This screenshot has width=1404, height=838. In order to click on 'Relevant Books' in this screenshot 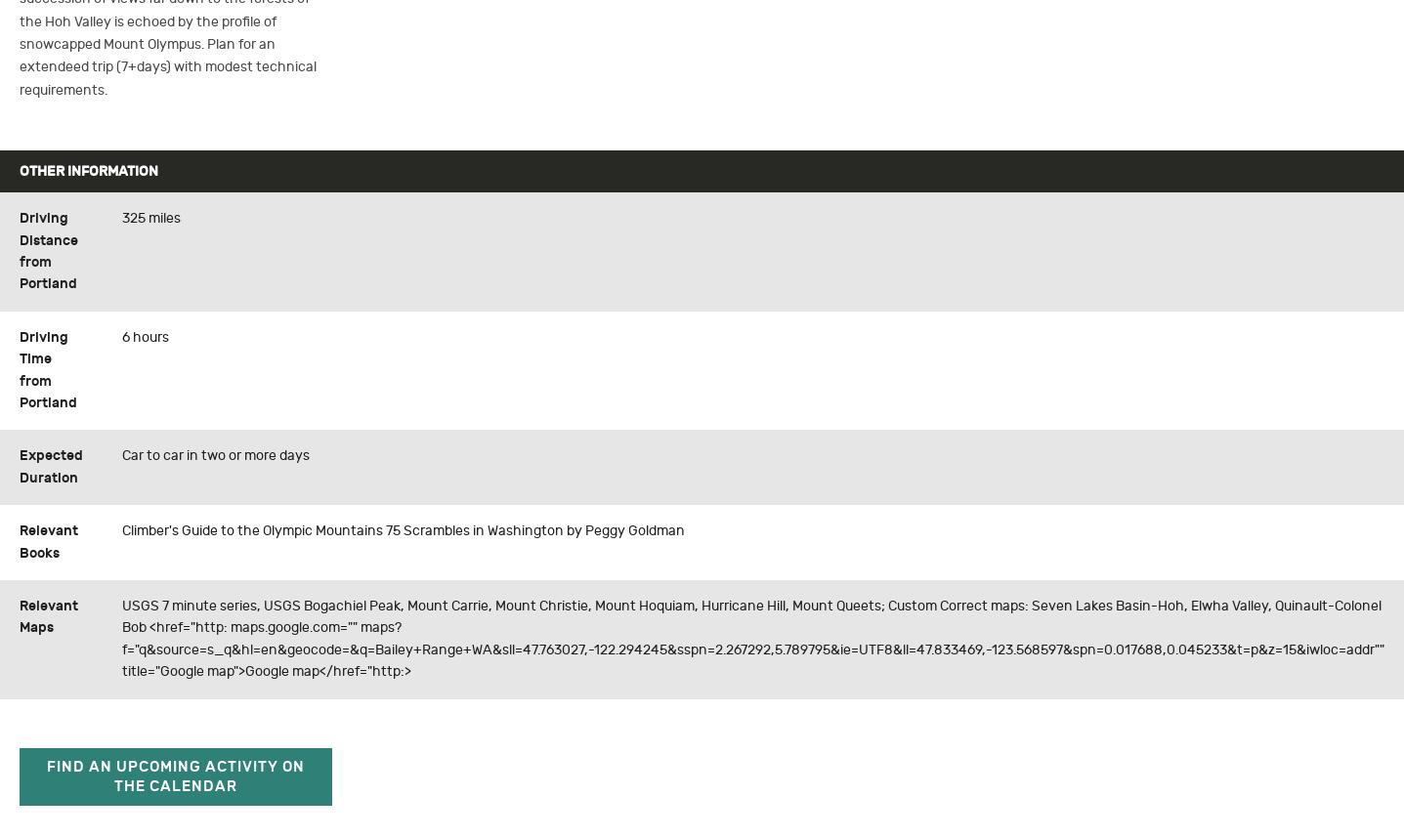, I will do `click(48, 541)`.